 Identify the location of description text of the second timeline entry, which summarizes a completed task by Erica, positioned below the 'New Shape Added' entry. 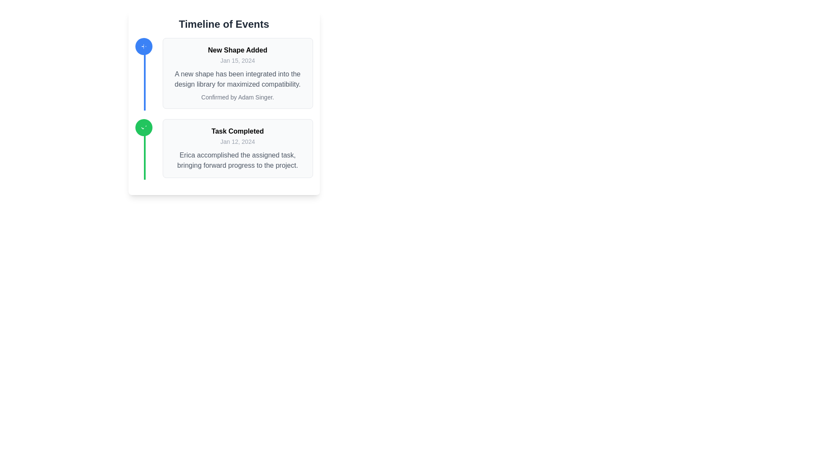
(224, 148).